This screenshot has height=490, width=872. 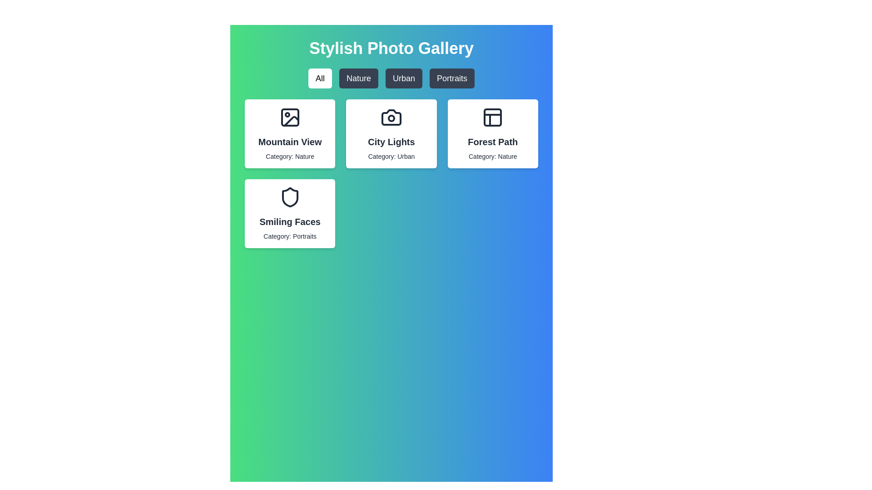 I want to click on the 'Portraits' button, which is a rectangular button with a dark background and rounded corners located in the top row of a photo gallery interface, to filter the gallery by 'Portraits' category, so click(x=452, y=78).